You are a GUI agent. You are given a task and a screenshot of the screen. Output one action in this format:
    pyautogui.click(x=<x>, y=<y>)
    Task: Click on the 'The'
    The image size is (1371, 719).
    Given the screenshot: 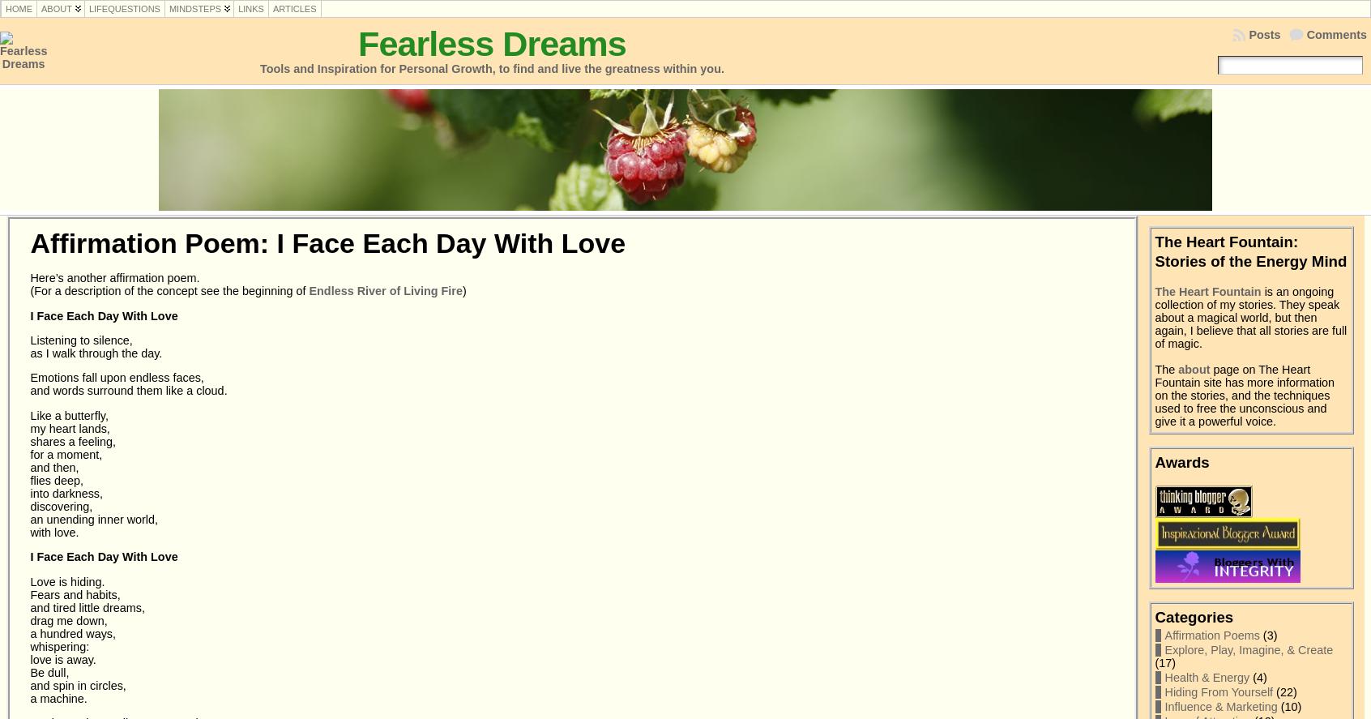 What is the action you would take?
    pyautogui.click(x=1165, y=368)
    